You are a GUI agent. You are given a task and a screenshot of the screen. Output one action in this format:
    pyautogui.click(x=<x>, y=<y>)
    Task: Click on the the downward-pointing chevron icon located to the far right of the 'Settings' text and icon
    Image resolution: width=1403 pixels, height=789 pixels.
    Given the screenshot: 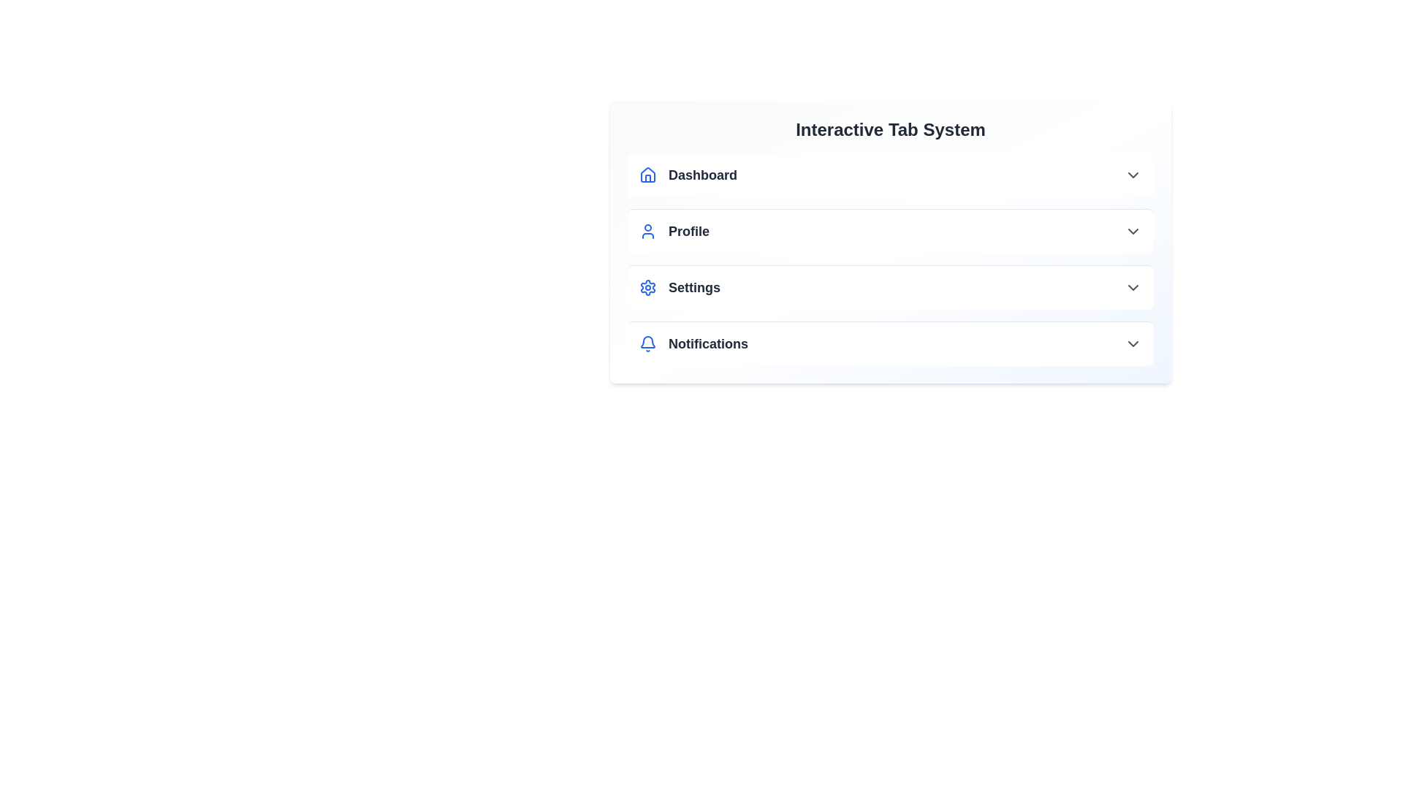 What is the action you would take?
    pyautogui.click(x=1132, y=287)
    